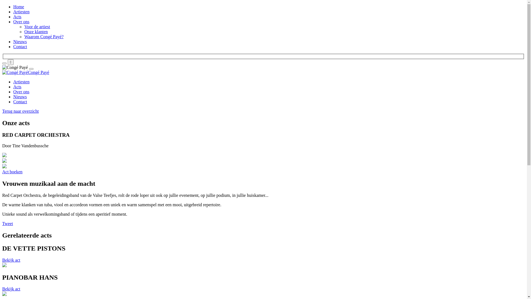  I want to click on 'Acts', so click(13, 87).